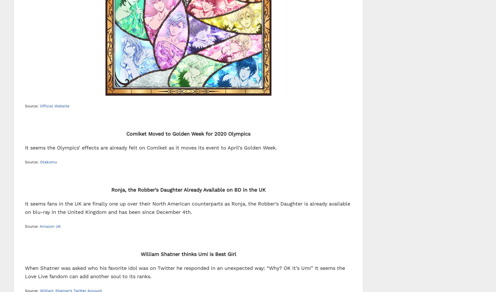 Image resolution: width=496 pixels, height=292 pixels. I want to click on 'It seems fans in the UK are finally one up over their North American counterparts as Ronja, the Robber’s Daughter is already available on blu-ray in the United Kingdom and has been since December 4th.', so click(187, 207).